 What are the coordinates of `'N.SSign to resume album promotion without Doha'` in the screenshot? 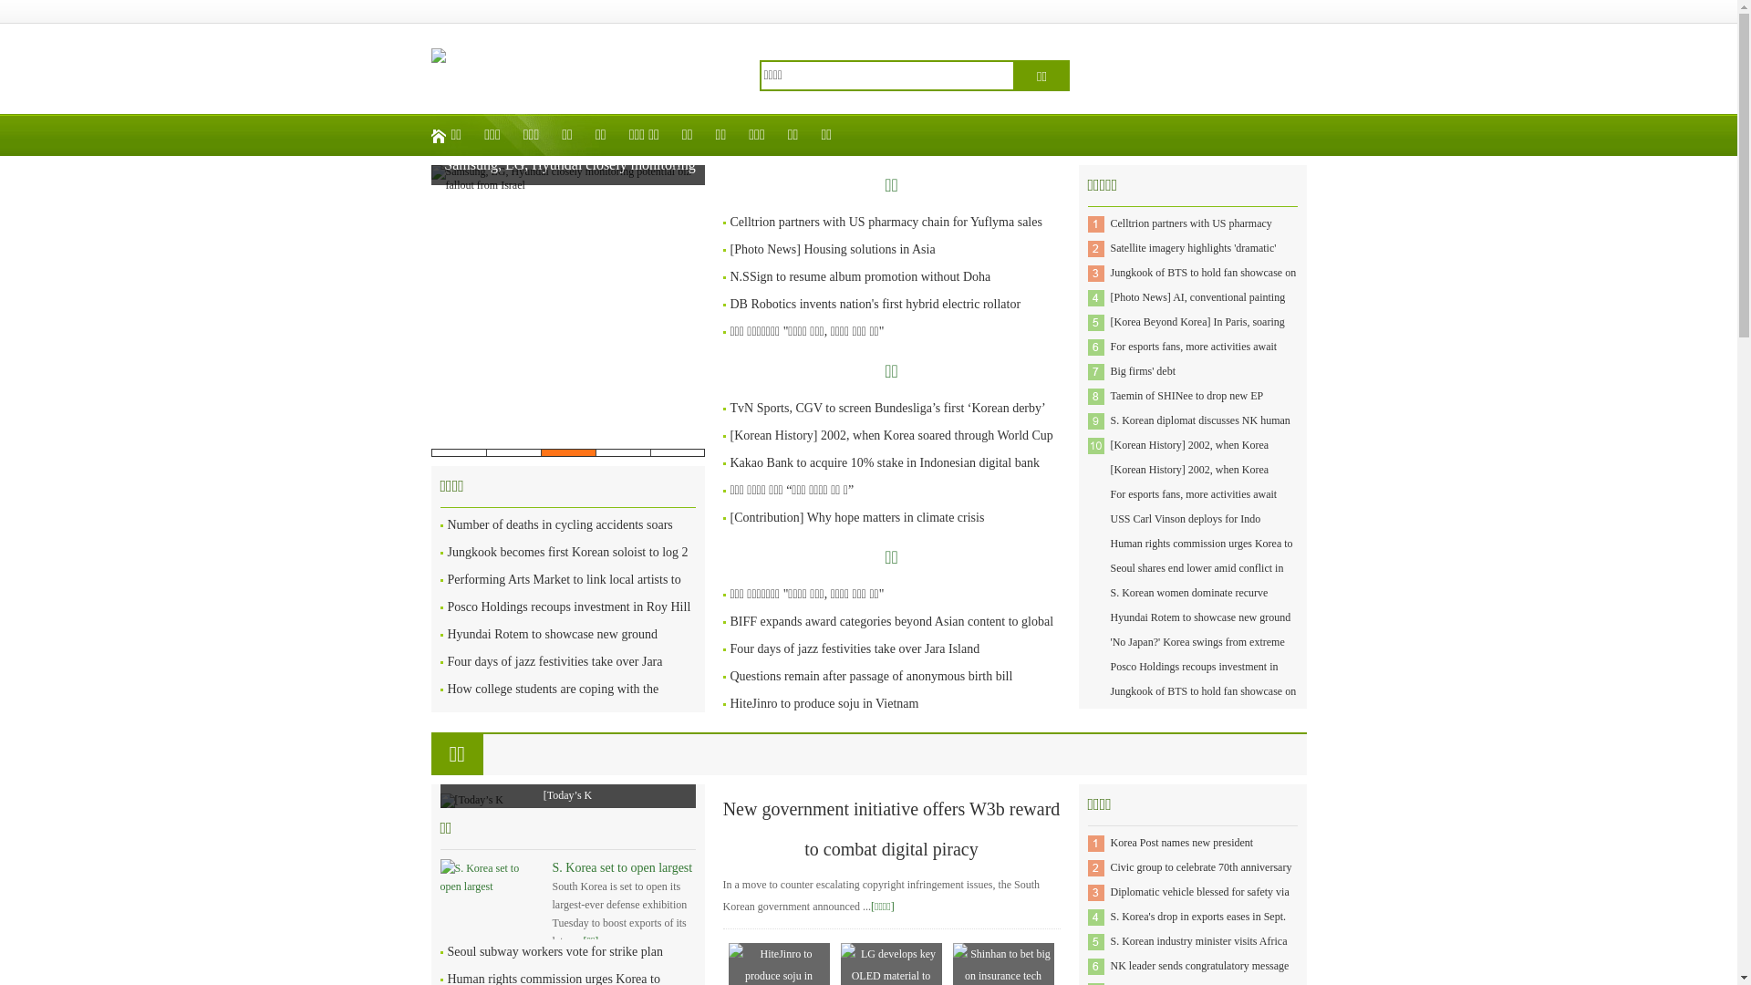 It's located at (858, 276).